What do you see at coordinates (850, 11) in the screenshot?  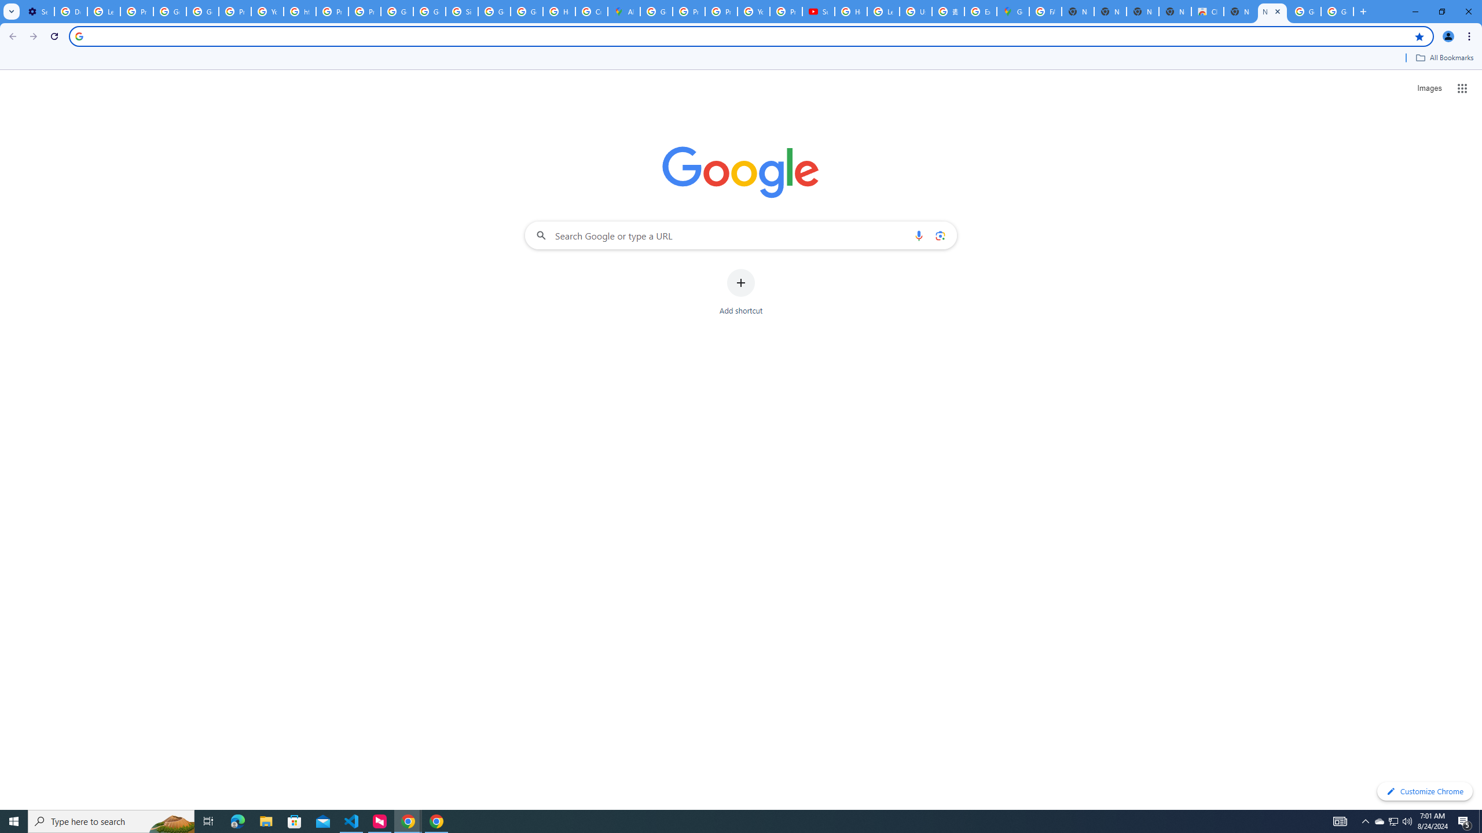 I see `'How Chrome protects your passwords - Google Chrome Help'` at bounding box center [850, 11].